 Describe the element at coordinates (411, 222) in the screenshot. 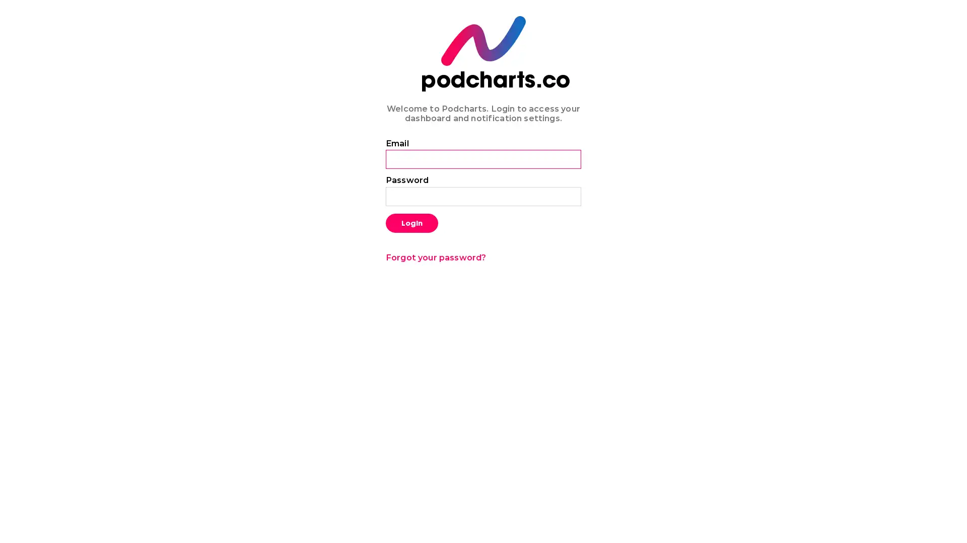

I see `Login` at that location.